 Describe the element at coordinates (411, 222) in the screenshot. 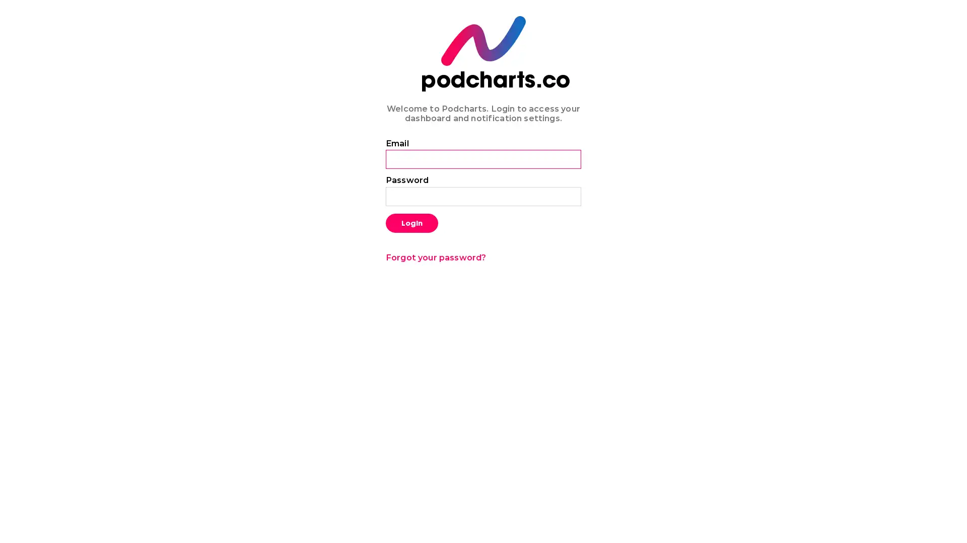

I see `Login` at that location.